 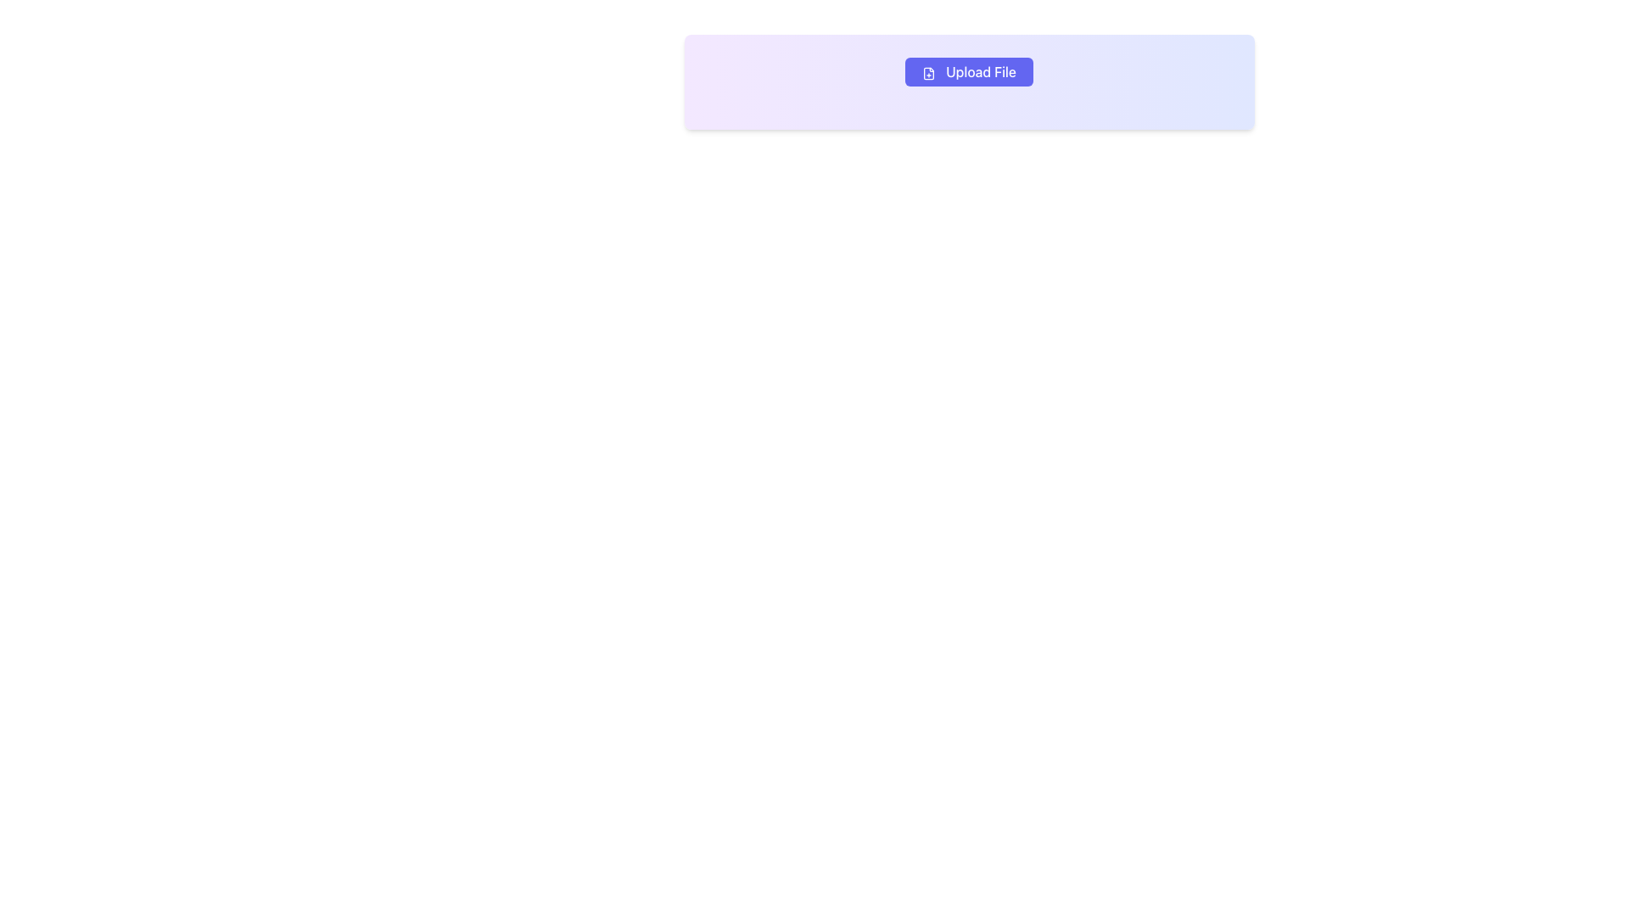 What do you see at coordinates (969, 70) in the screenshot?
I see `the 'Upload File' button with a gradient purple background and white text` at bounding box center [969, 70].